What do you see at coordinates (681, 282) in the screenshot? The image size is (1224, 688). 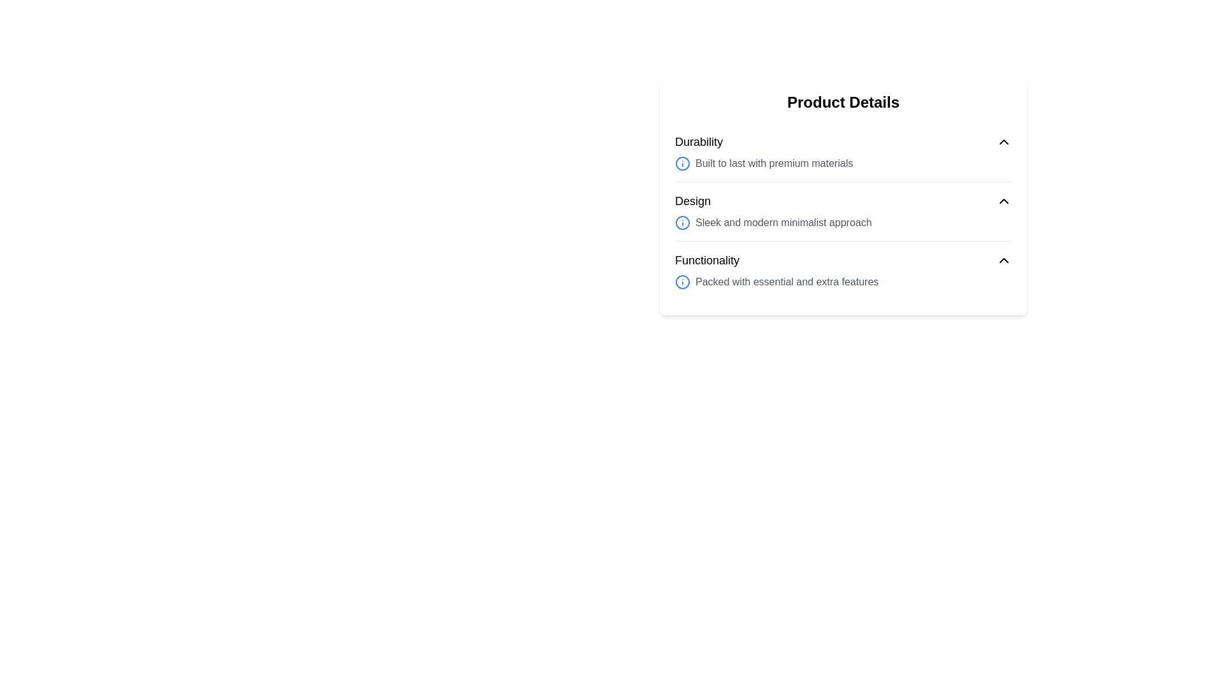 I see `the SVG graphical element (circle) that serves as an info icon for 'Functionality' located in the third row of the 'Product Details' section` at bounding box center [681, 282].